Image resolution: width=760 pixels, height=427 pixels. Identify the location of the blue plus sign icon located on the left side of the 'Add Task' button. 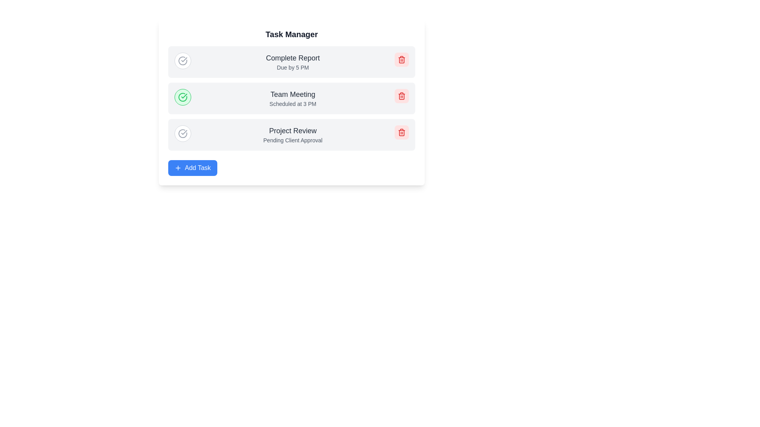
(178, 167).